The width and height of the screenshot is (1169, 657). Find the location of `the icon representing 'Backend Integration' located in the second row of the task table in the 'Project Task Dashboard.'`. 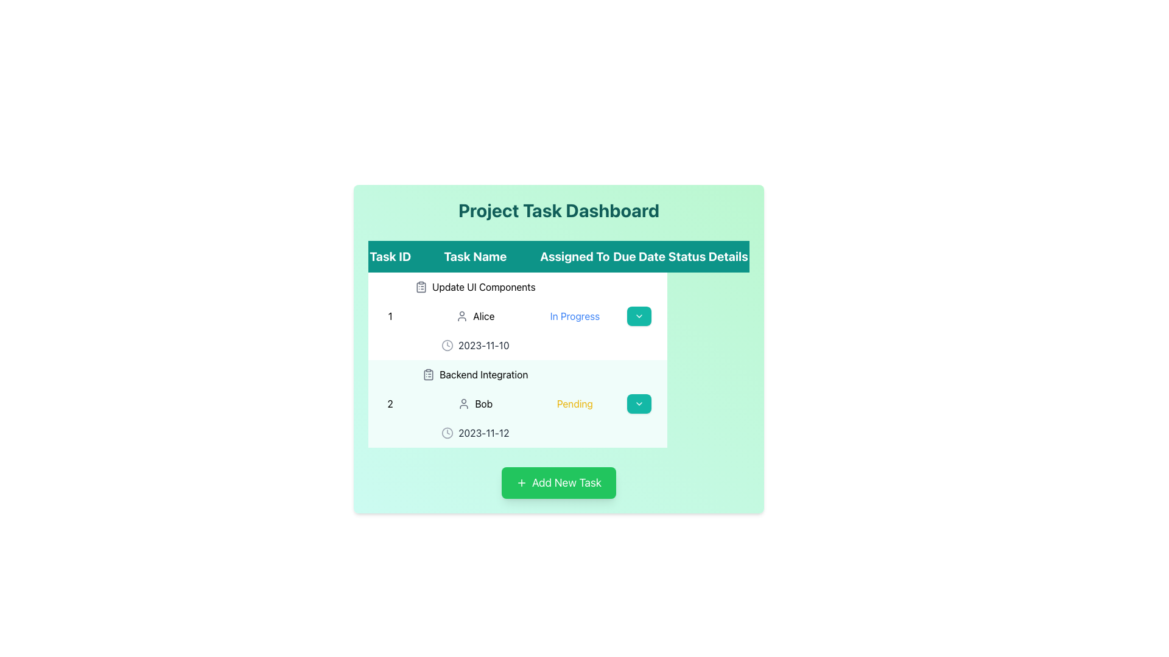

the icon representing 'Backend Integration' located in the second row of the task table in the 'Project Task Dashboard.' is located at coordinates (429, 374).